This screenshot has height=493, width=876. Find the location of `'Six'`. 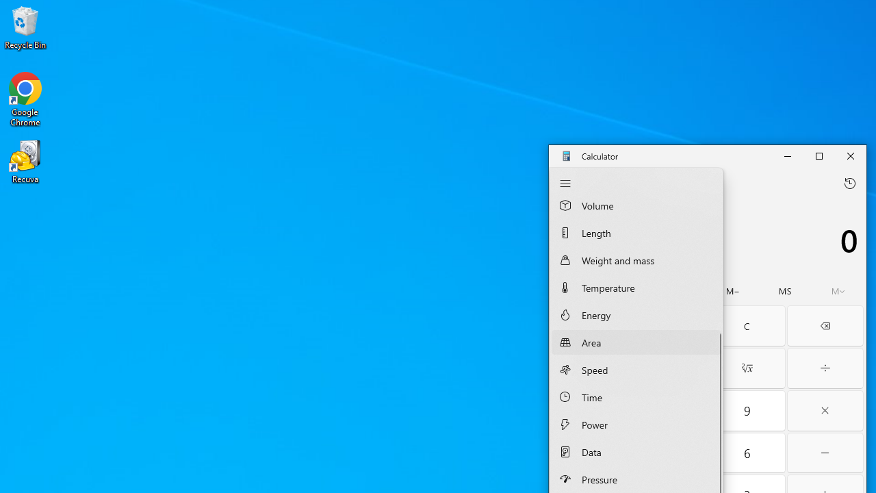

'Six' is located at coordinates (746, 453).